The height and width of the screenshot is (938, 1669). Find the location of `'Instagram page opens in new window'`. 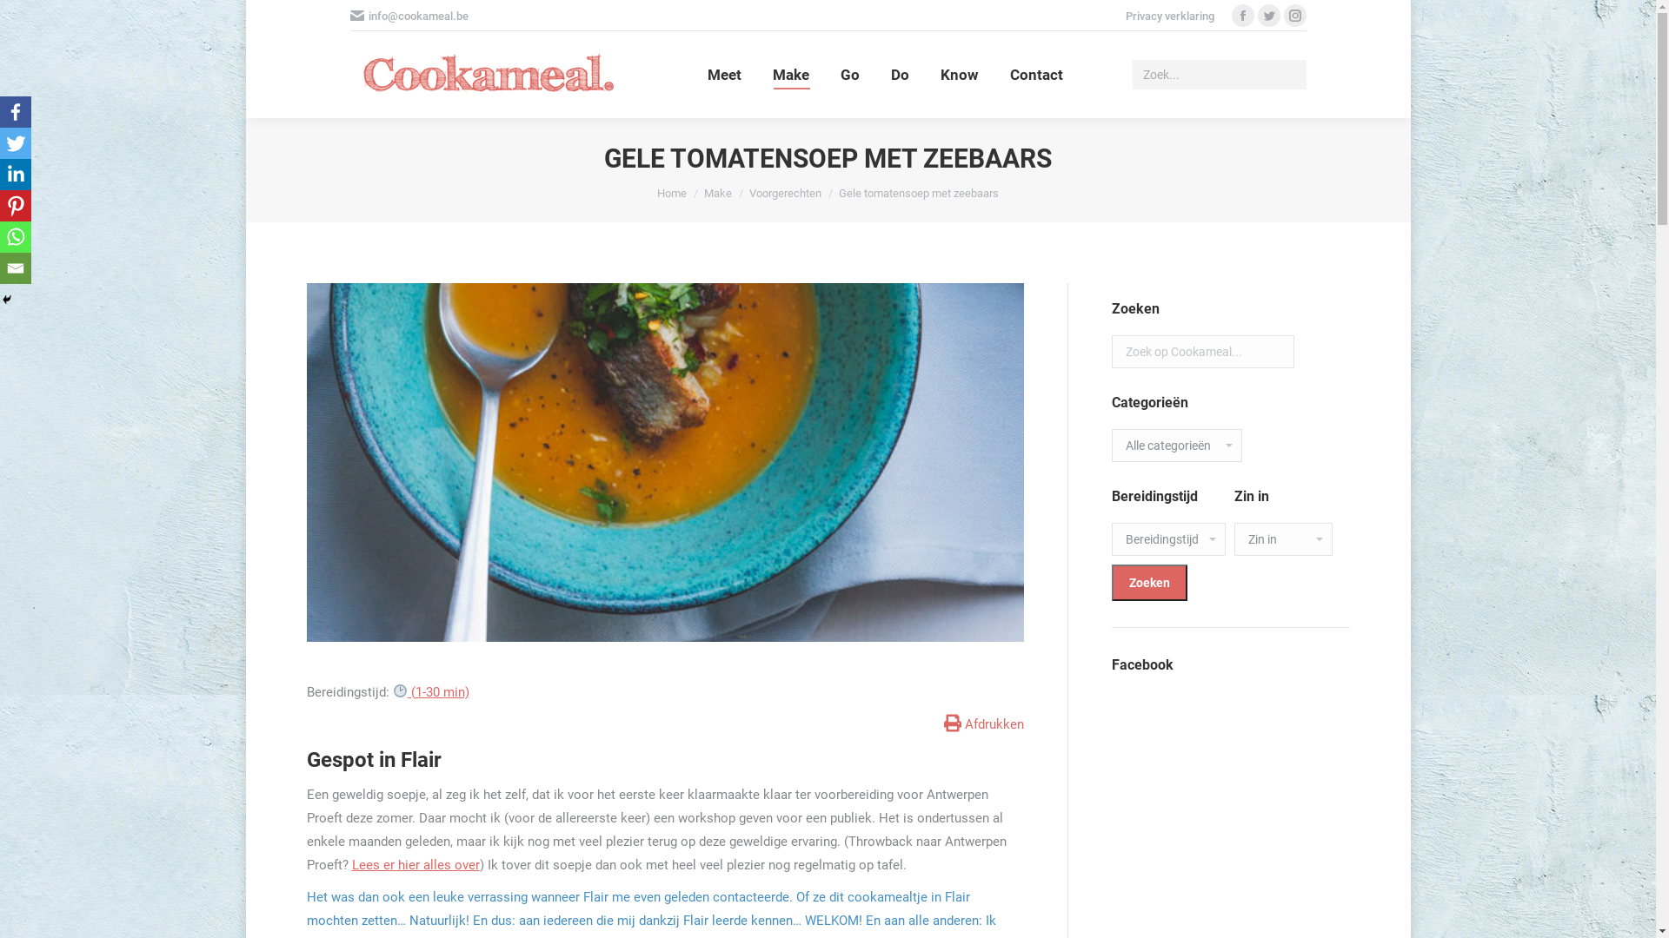

'Instagram page opens in new window' is located at coordinates (1293, 16).